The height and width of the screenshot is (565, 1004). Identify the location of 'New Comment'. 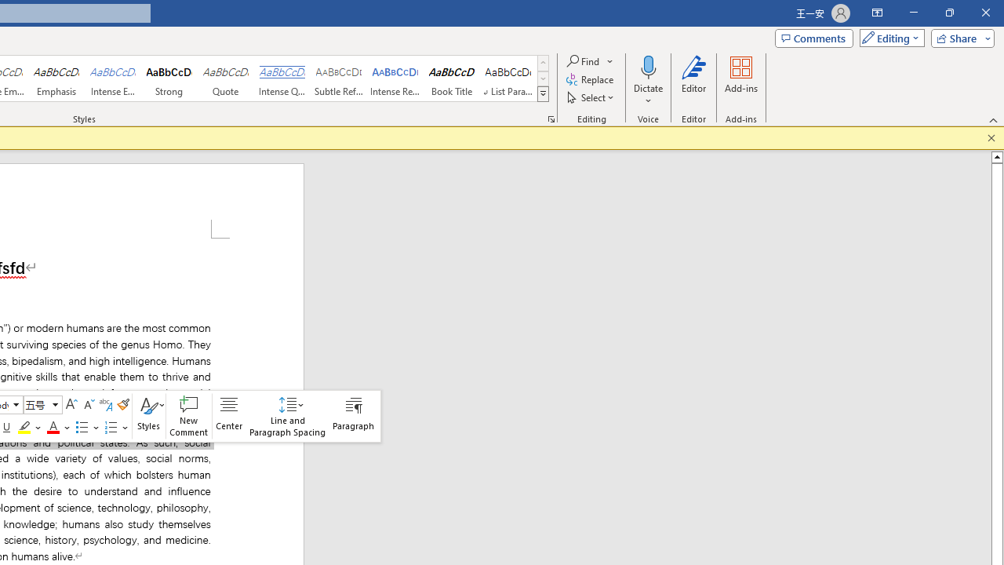
(188, 415).